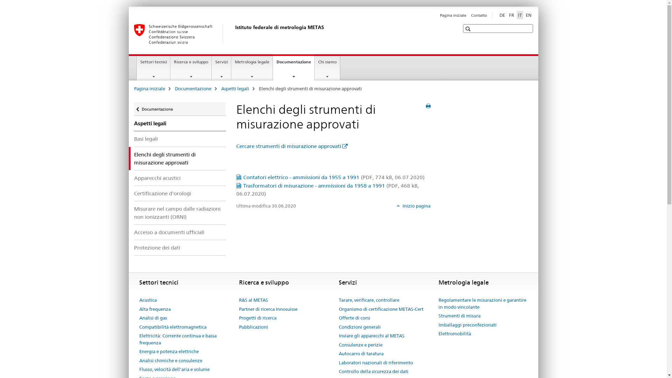 The width and height of the screenshot is (672, 378). Describe the element at coordinates (292, 146) in the screenshot. I see `'Cercare strumenti di misurazione approvati'` at that location.